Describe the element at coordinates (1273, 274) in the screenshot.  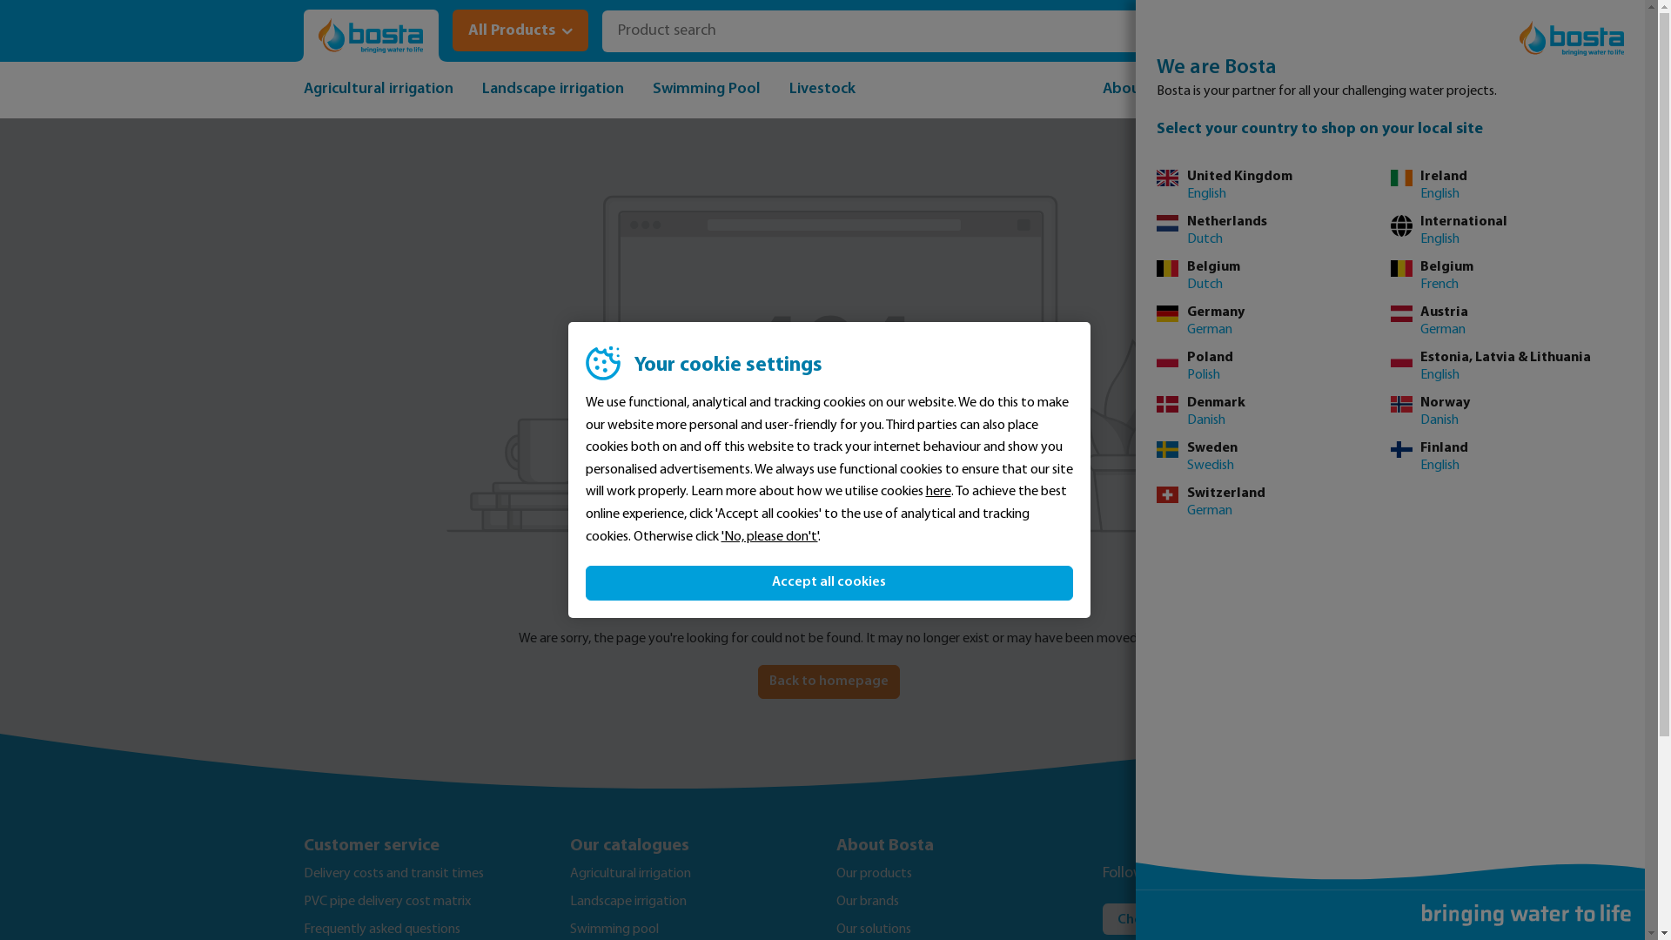
I see `'Belgium` at that location.